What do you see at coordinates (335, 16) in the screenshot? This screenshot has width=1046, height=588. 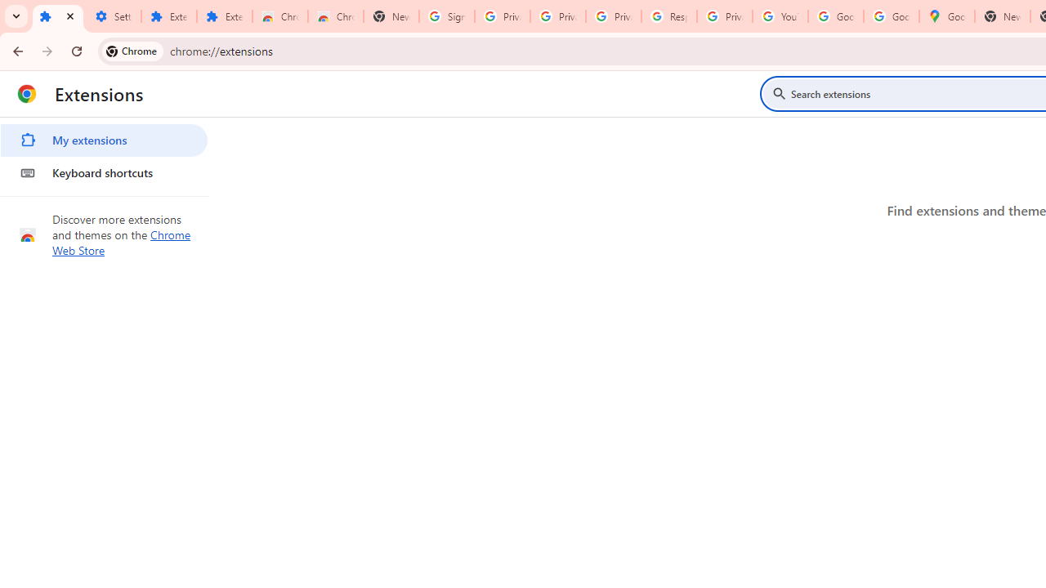 I see `'Chrome Web Store - Themes'` at bounding box center [335, 16].